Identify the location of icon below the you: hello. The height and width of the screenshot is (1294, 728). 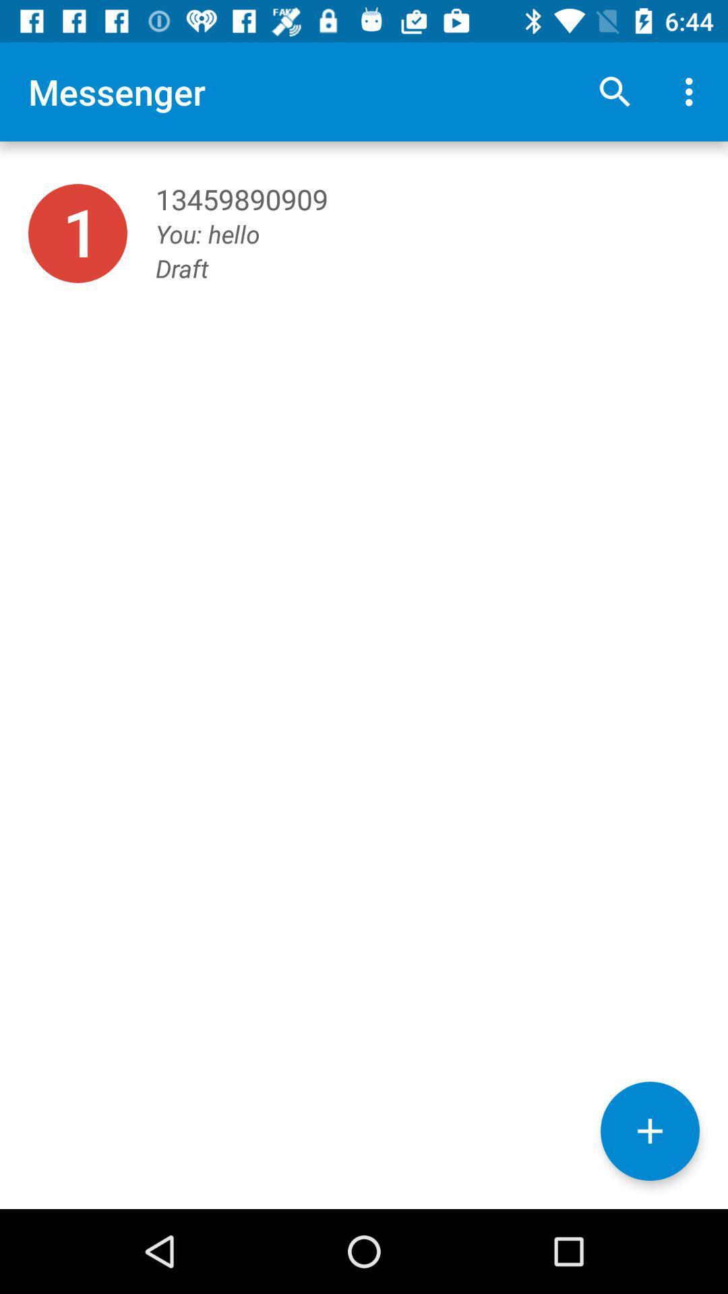
(649, 1131).